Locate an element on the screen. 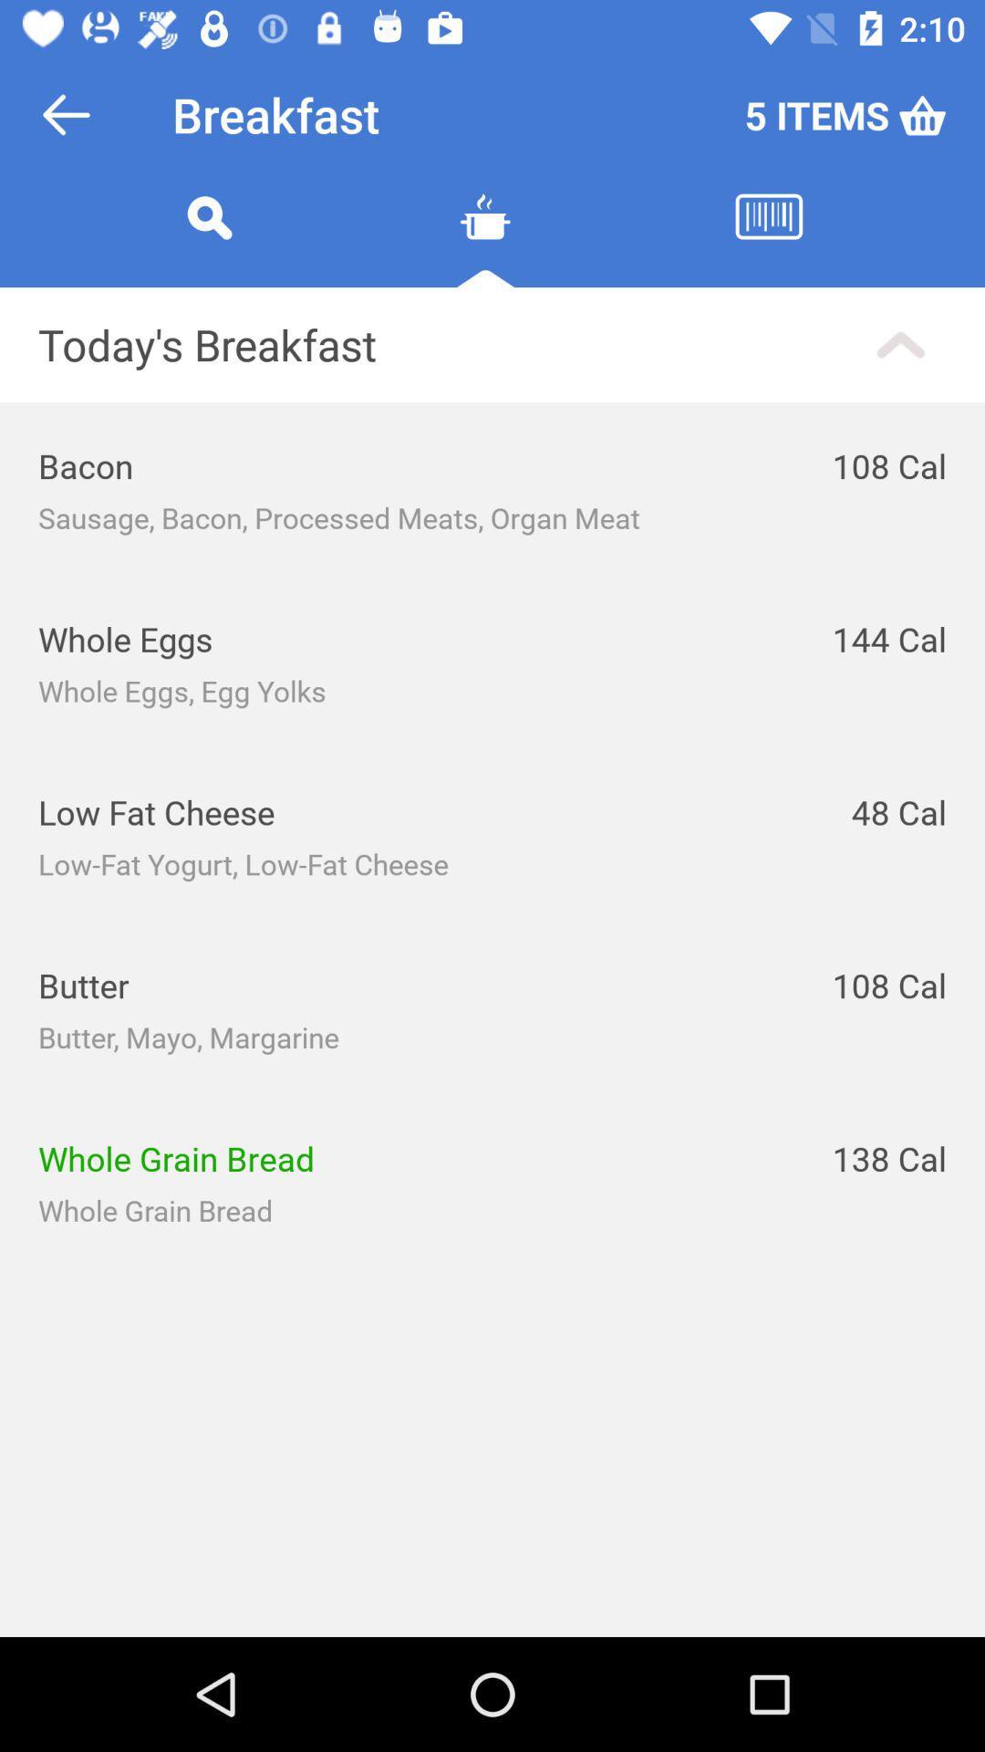 The height and width of the screenshot is (1752, 985). search is located at coordinates (208, 238).